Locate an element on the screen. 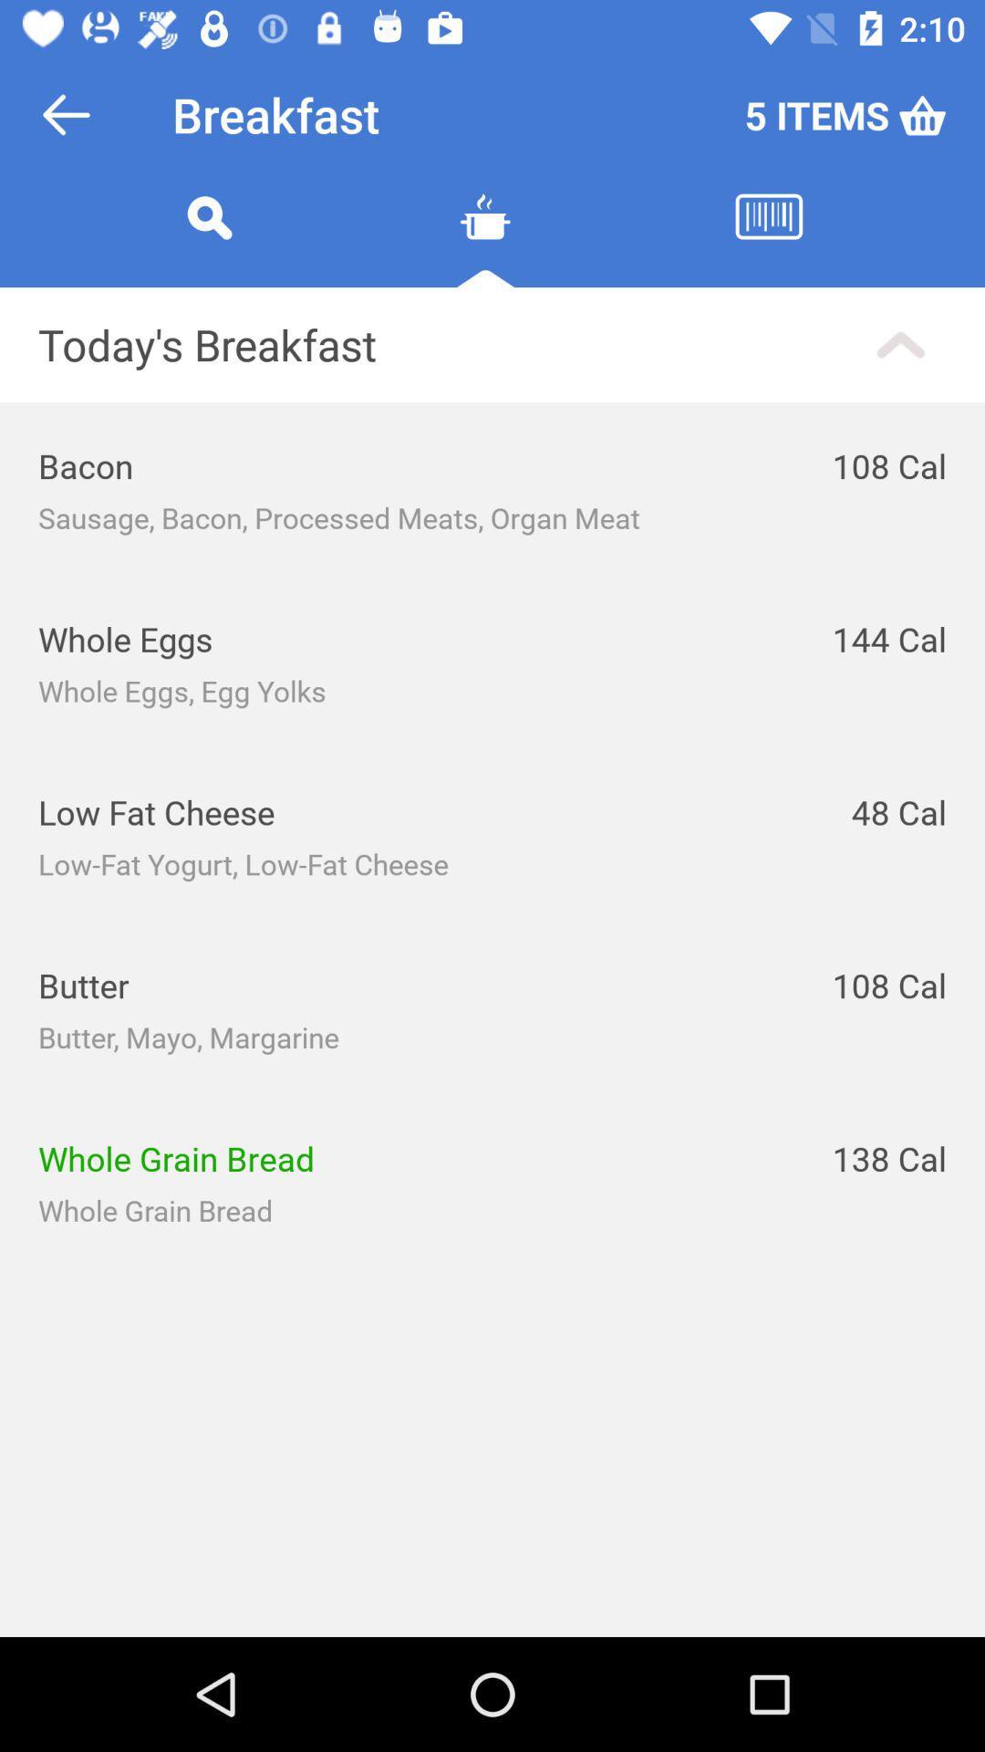 The height and width of the screenshot is (1752, 985). search is located at coordinates (208, 238).